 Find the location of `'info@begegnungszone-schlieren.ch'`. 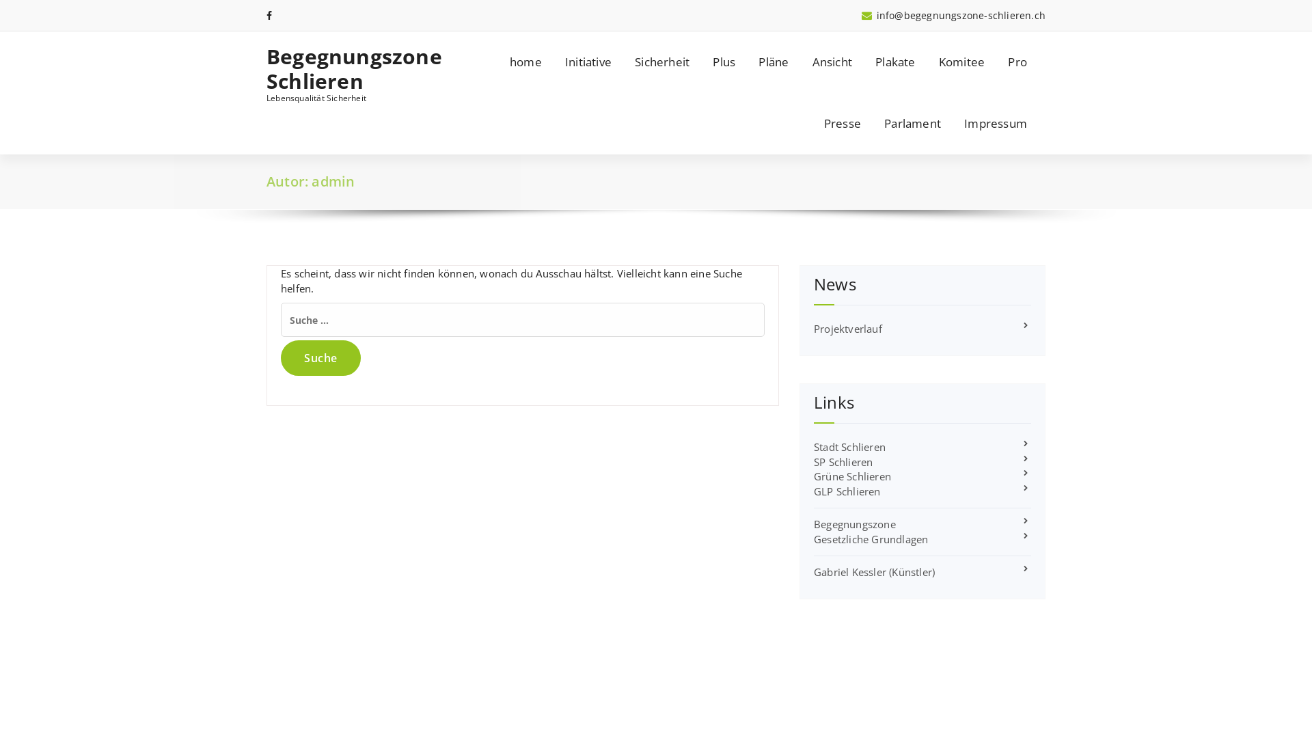

'info@begegnungszone-schlieren.ch' is located at coordinates (953, 15).